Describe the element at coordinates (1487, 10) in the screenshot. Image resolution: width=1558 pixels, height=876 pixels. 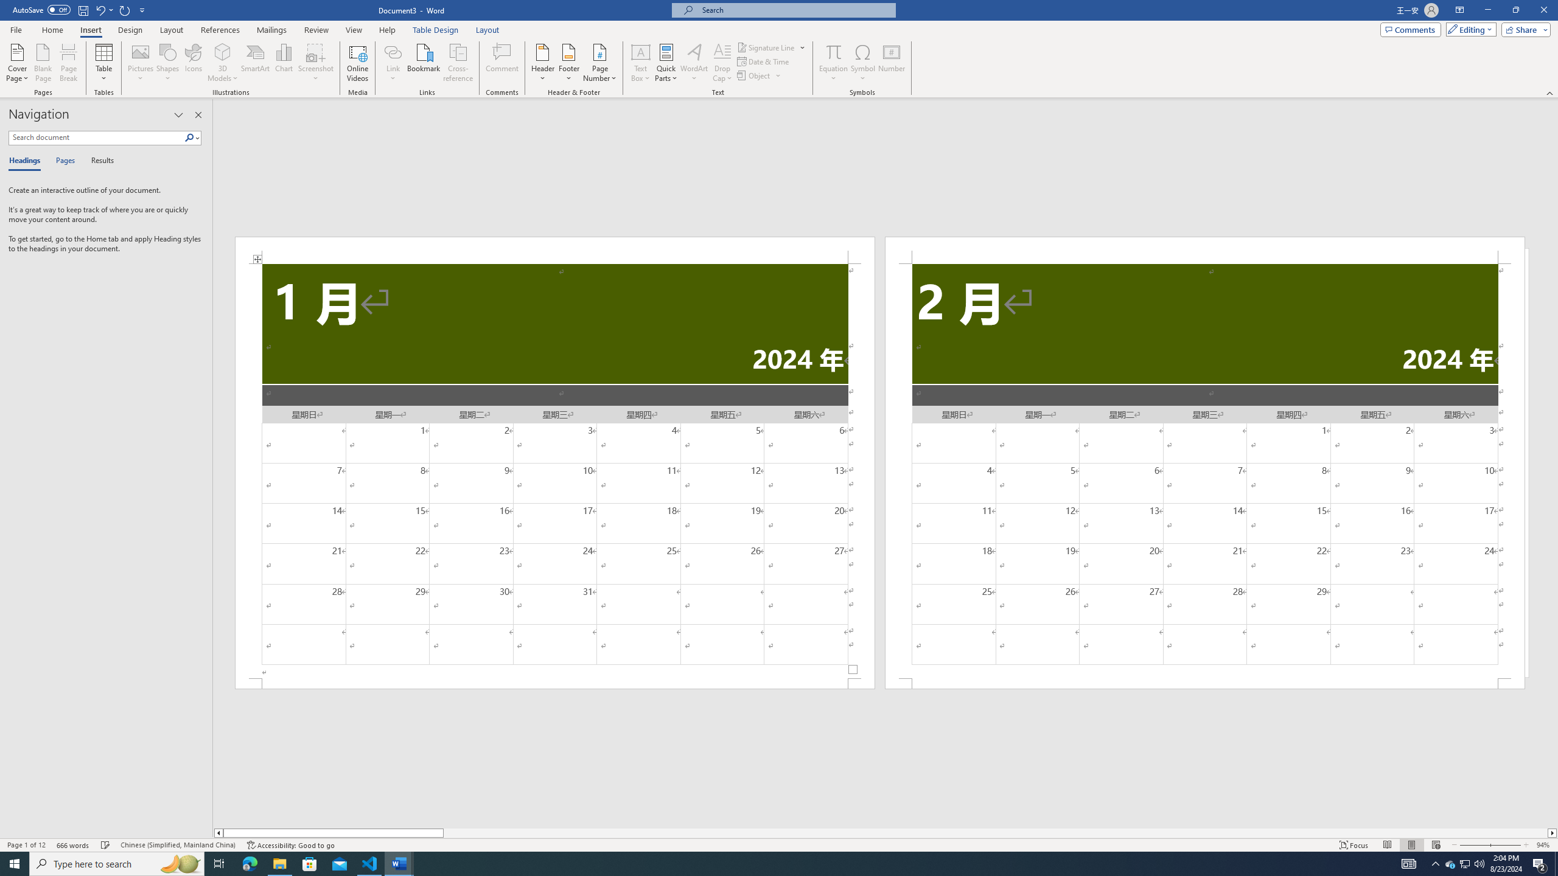
I see `'Minimize'` at that location.